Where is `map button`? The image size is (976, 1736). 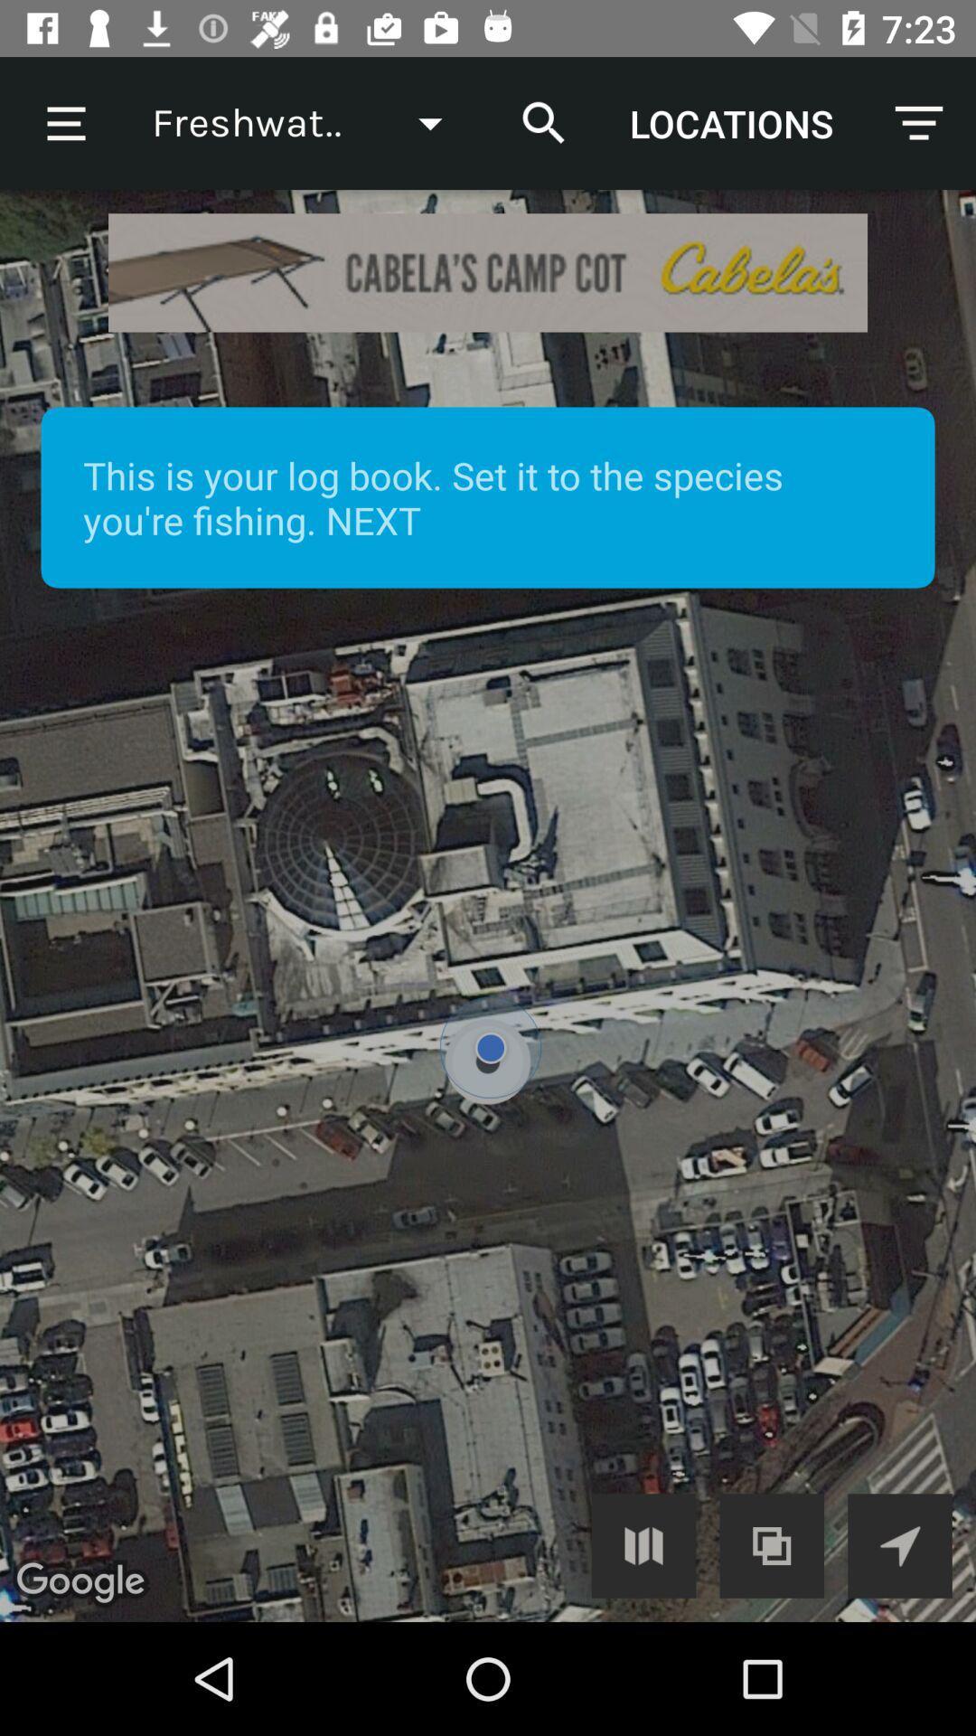
map button is located at coordinates (643, 1544).